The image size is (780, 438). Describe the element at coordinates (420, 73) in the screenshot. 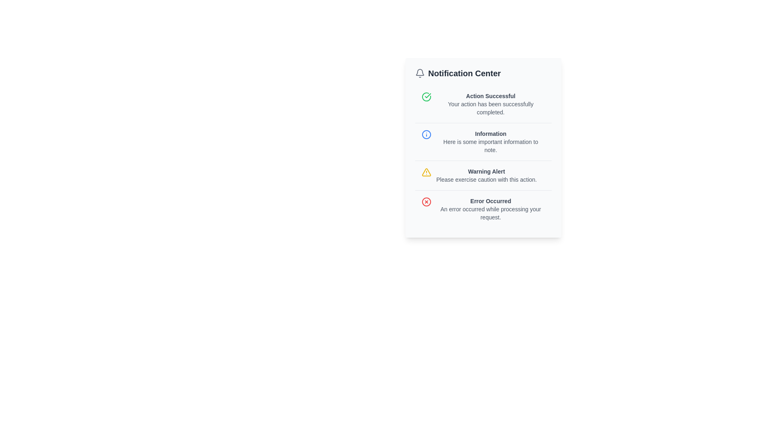

I see `the simplified gray bell icon located at the top-left corner of the 'Notification Center', which is the first item before the text 'Notification Center'` at that location.